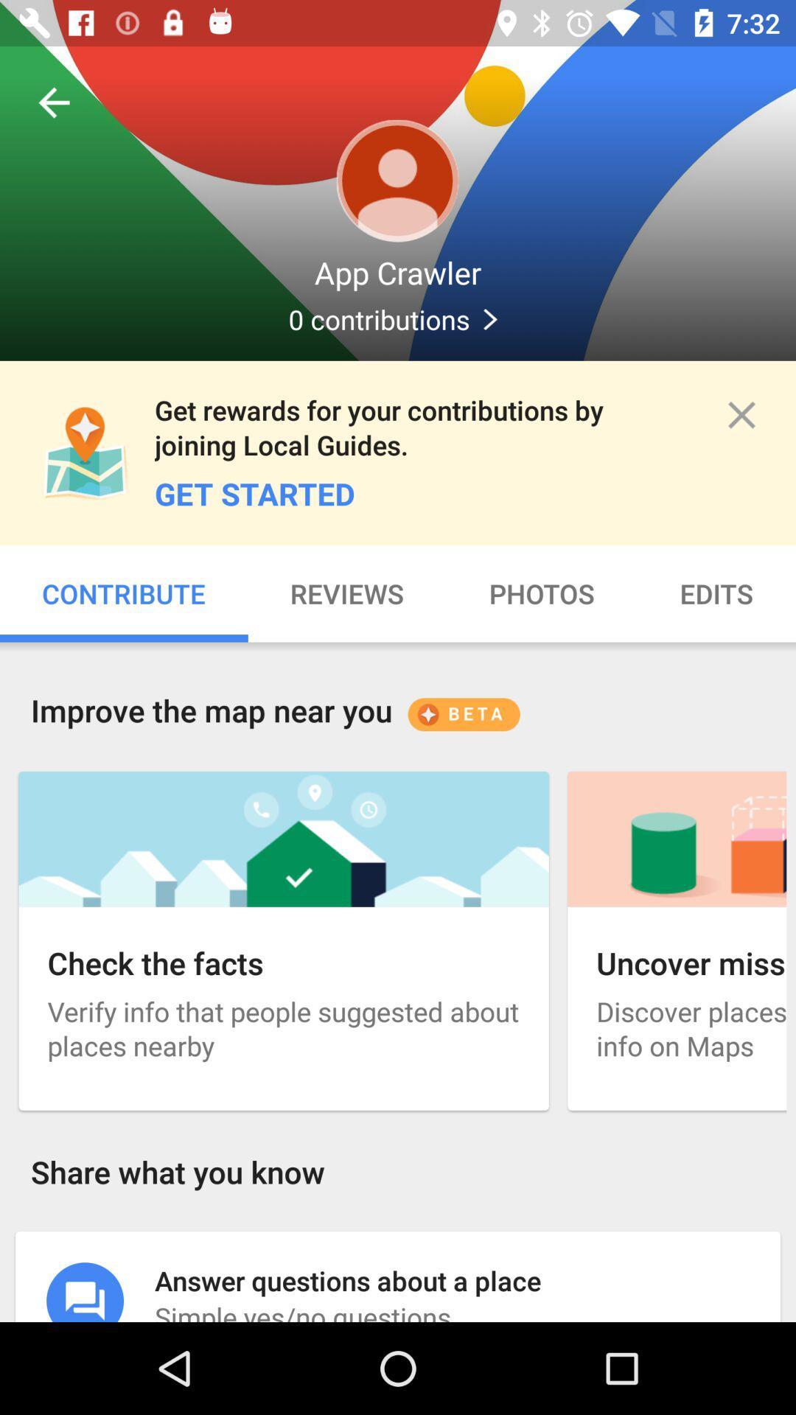  I want to click on the icon to the right of contribute, so click(347, 593).